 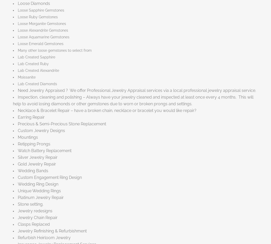 I want to click on 'Unique Wedding Rings', so click(x=39, y=190).